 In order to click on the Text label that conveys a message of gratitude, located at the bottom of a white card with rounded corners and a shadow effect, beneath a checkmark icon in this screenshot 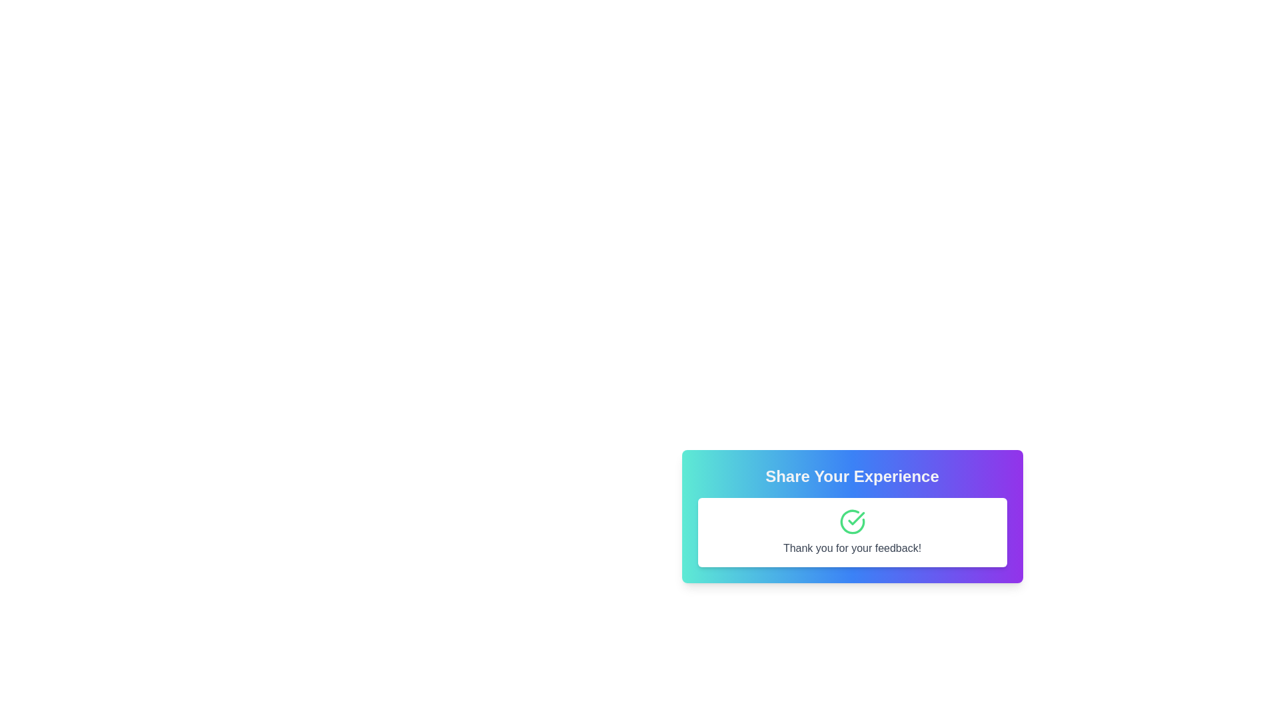, I will do `click(851, 549)`.